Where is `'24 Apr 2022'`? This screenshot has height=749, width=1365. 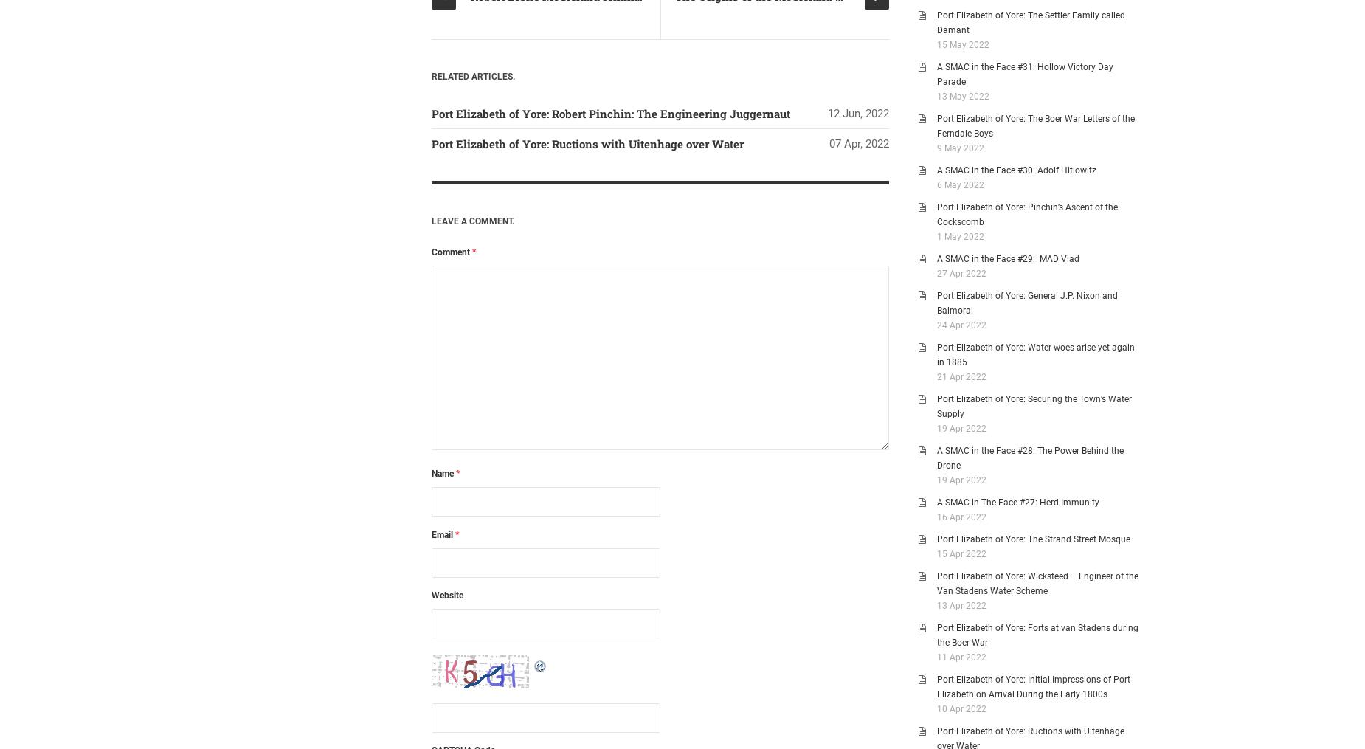 '24 Apr 2022' is located at coordinates (961, 325).